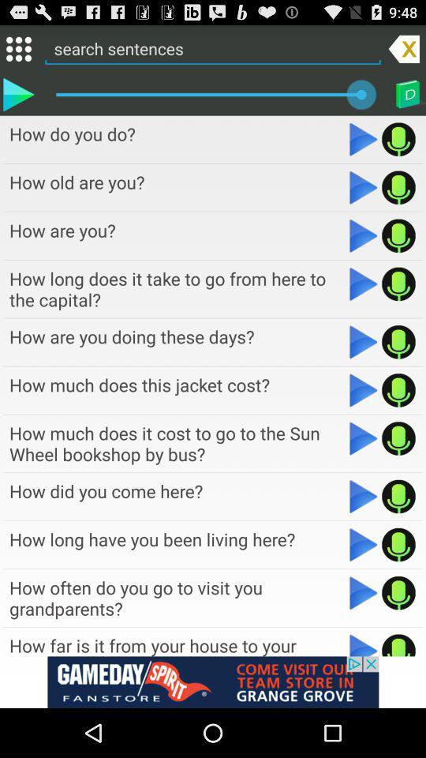  I want to click on the second option in the list, so click(177, 182).